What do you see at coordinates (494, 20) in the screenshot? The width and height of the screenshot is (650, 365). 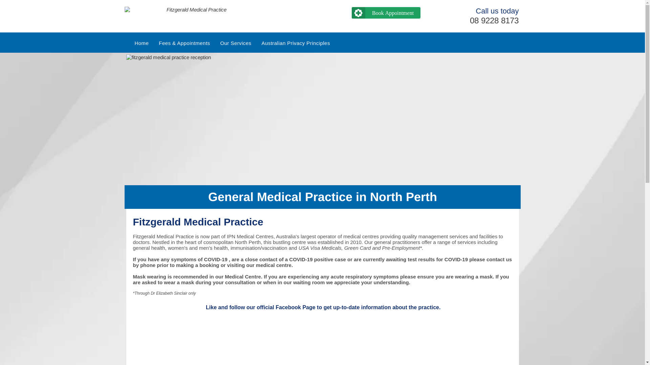 I see `'08 9228 8173'` at bounding box center [494, 20].